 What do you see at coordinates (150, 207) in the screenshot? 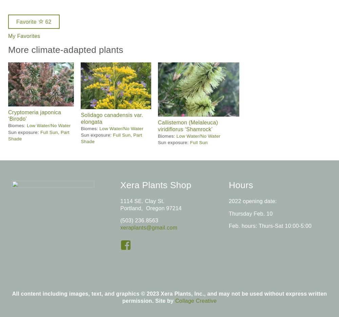
I see `'Portland,  Oregon 97214'` at bounding box center [150, 207].